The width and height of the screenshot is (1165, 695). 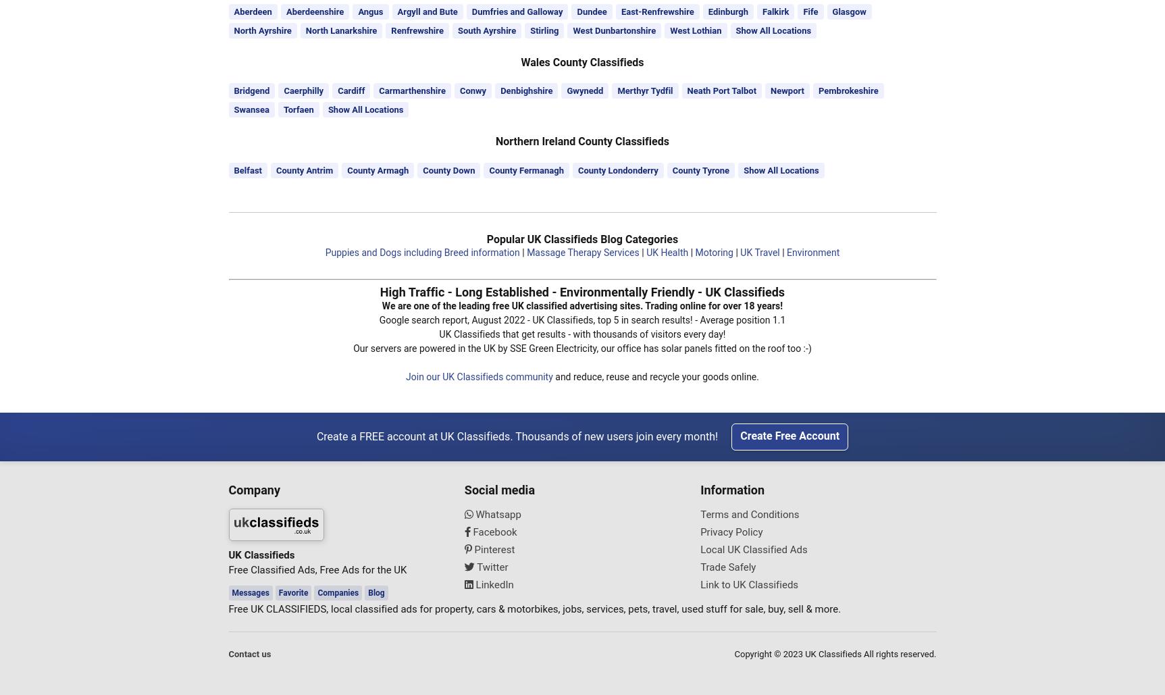 What do you see at coordinates (802, 10) in the screenshot?
I see `'Fife'` at bounding box center [802, 10].